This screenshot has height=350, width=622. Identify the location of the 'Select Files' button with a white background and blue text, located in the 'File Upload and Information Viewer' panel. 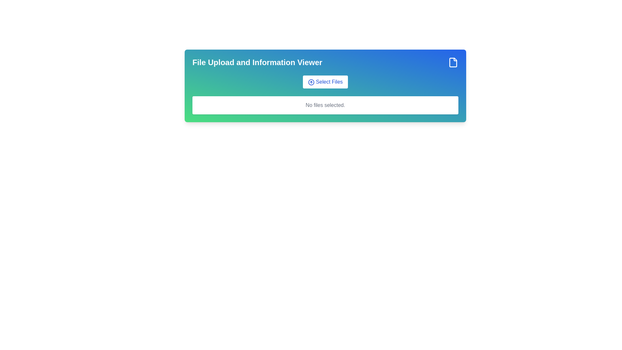
(325, 82).